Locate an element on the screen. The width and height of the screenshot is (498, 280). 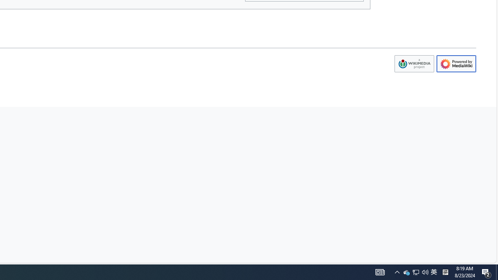
'Wikimedia Foundation' is located at coordinates (414, 63).